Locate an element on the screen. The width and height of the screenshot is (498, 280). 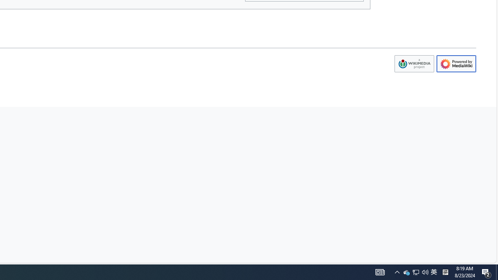
'Wikimedia Foundation' is located at coordinates (414, 63).